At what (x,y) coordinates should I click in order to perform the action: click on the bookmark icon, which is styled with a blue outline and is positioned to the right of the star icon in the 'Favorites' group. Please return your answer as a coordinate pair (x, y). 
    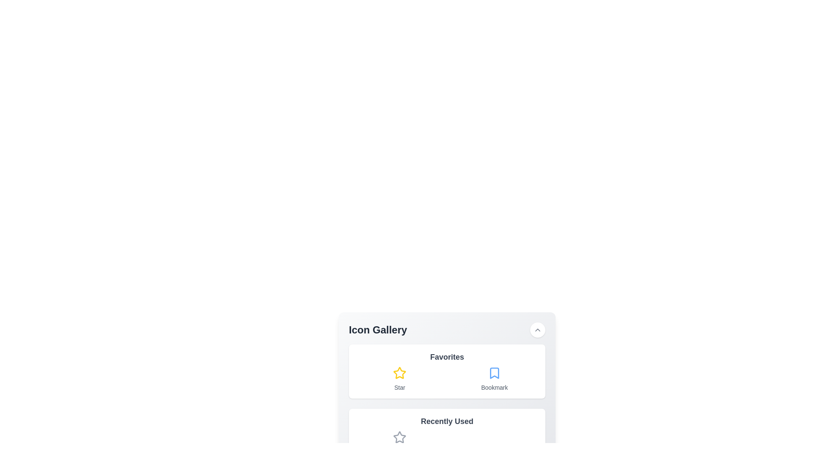
    Looking at the image, I should click on (494, 373).